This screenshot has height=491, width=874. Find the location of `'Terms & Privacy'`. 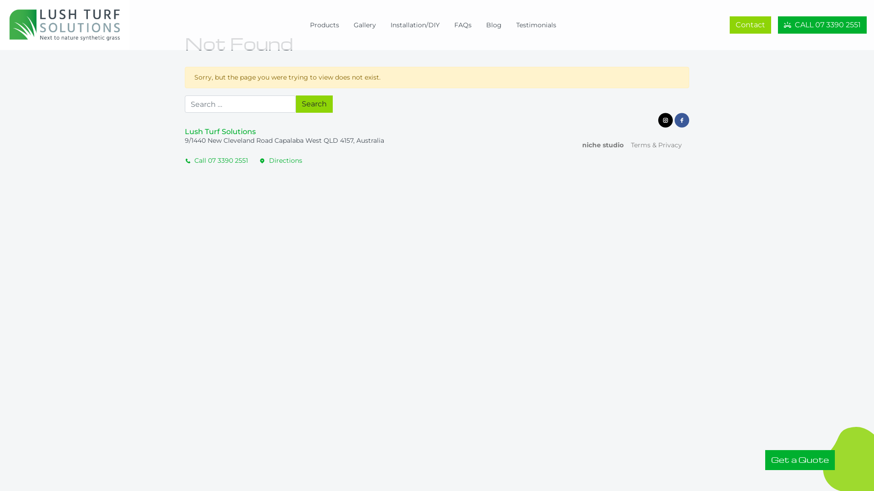

'Terms & Privacy' is located at coordinates (623, 145).